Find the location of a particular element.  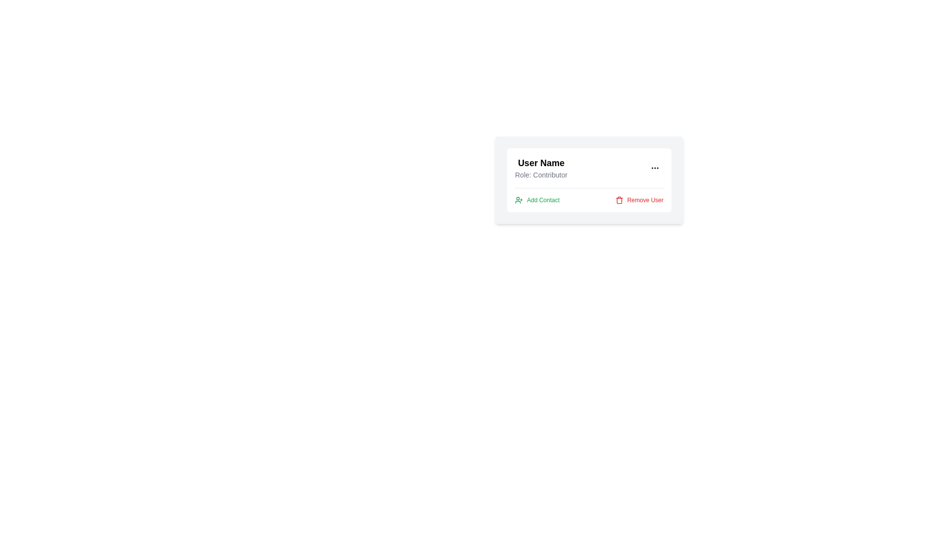

the red trash bin icon located to the left of the 'Remove User' text in the lower-right corner of the user details card is located at coordinates (618, 200).